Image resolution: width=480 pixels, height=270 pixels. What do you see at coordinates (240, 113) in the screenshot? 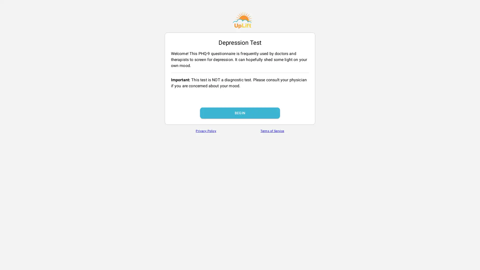
I see `BEGIN` at bounding box center [240, 113].